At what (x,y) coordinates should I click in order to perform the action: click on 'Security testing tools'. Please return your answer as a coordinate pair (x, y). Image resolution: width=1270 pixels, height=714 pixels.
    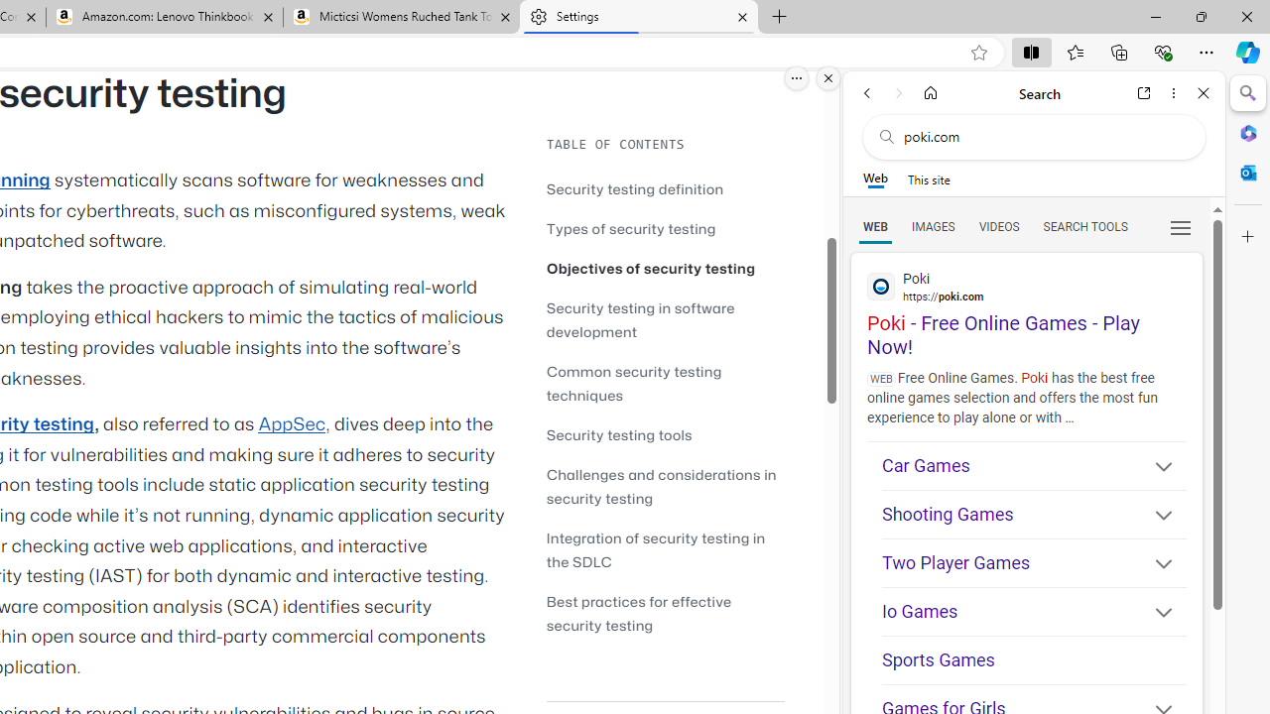
    Looking at the image, I should click on (665, 433).